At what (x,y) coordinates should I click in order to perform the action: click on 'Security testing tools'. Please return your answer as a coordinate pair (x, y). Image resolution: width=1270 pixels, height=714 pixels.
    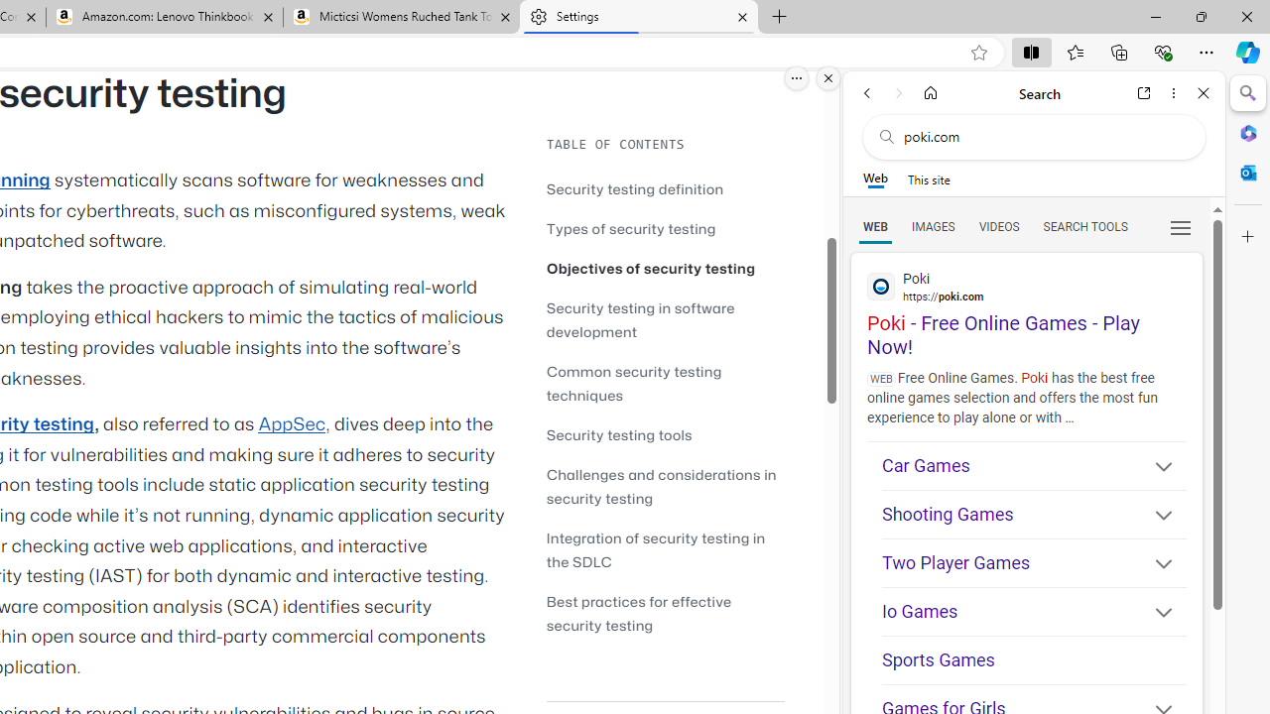
    Looking at the image, I should click on (665, 433).